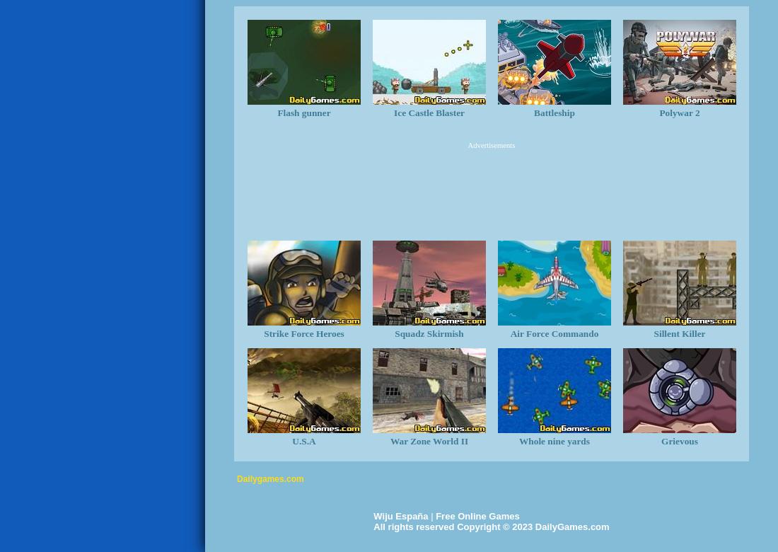  What do you see at coordinates (303, 441) in the screenshot?
I see `'U.S.A'` at bounding box center [303, 441].